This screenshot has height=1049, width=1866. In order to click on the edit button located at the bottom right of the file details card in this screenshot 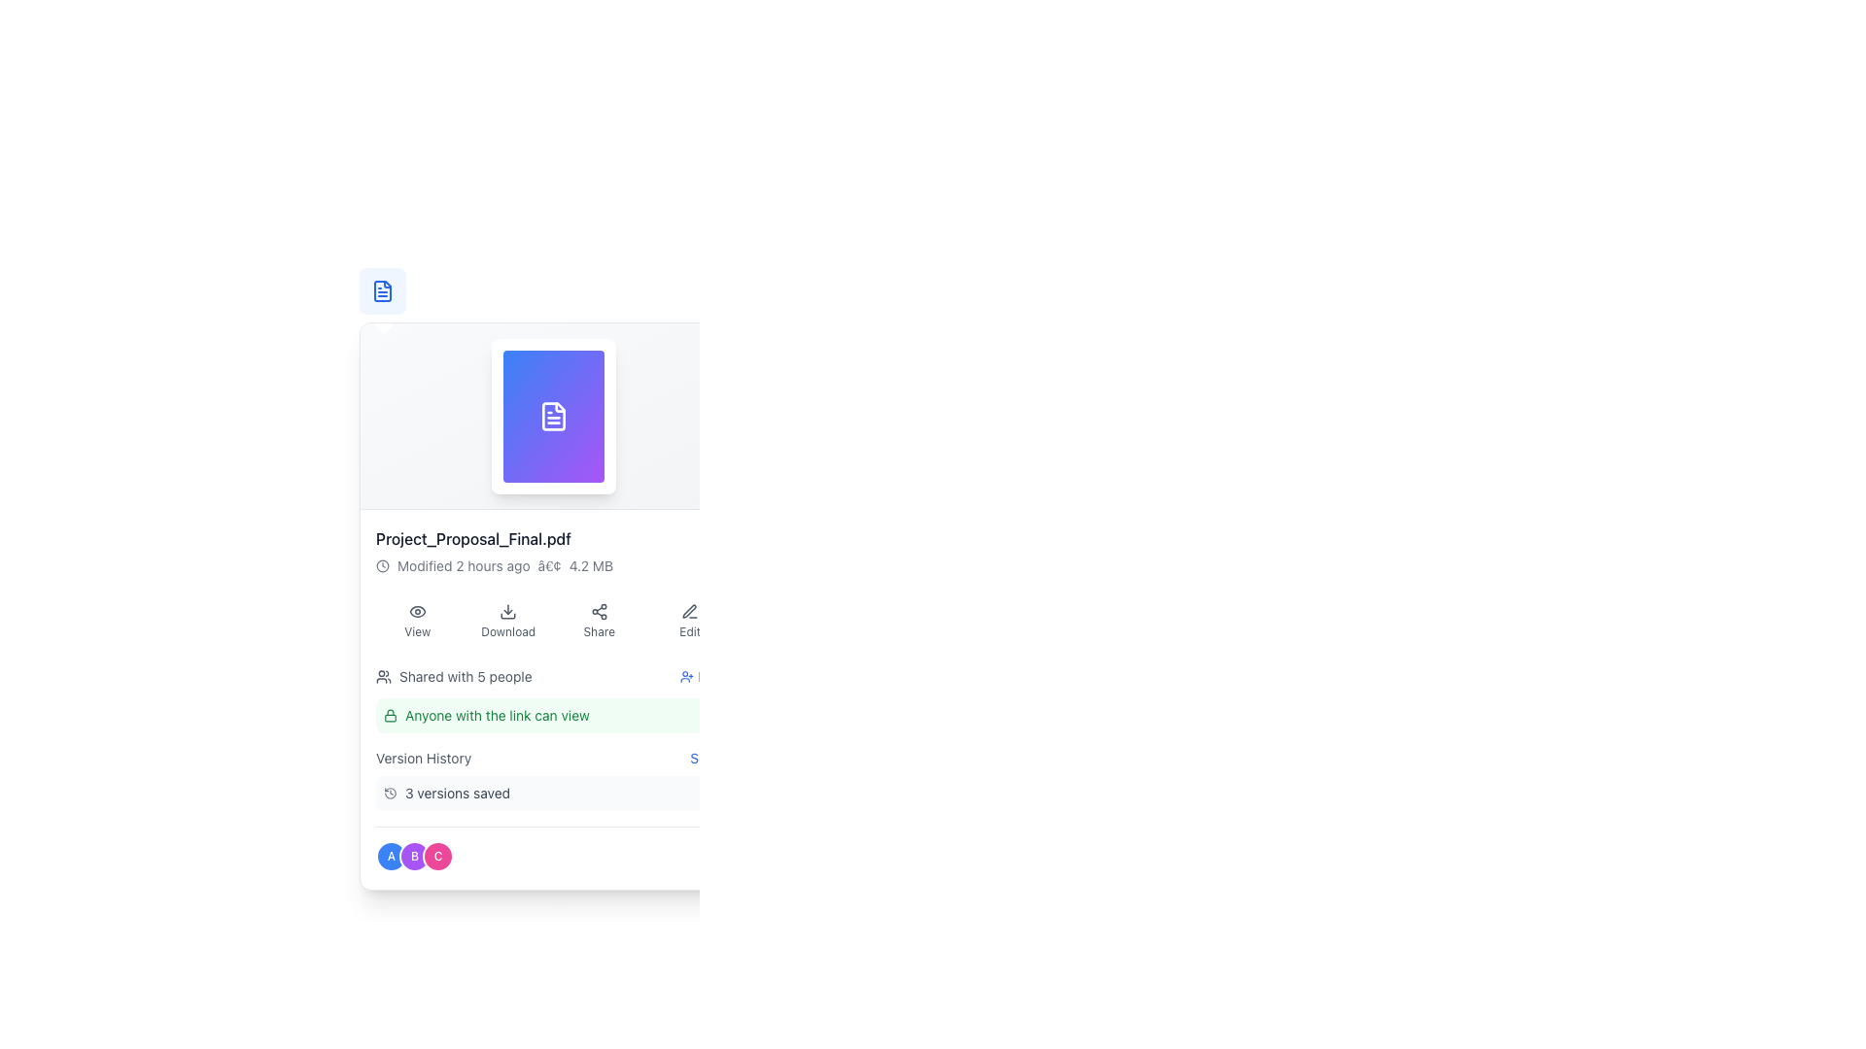, I will do `click(690, 622)`.